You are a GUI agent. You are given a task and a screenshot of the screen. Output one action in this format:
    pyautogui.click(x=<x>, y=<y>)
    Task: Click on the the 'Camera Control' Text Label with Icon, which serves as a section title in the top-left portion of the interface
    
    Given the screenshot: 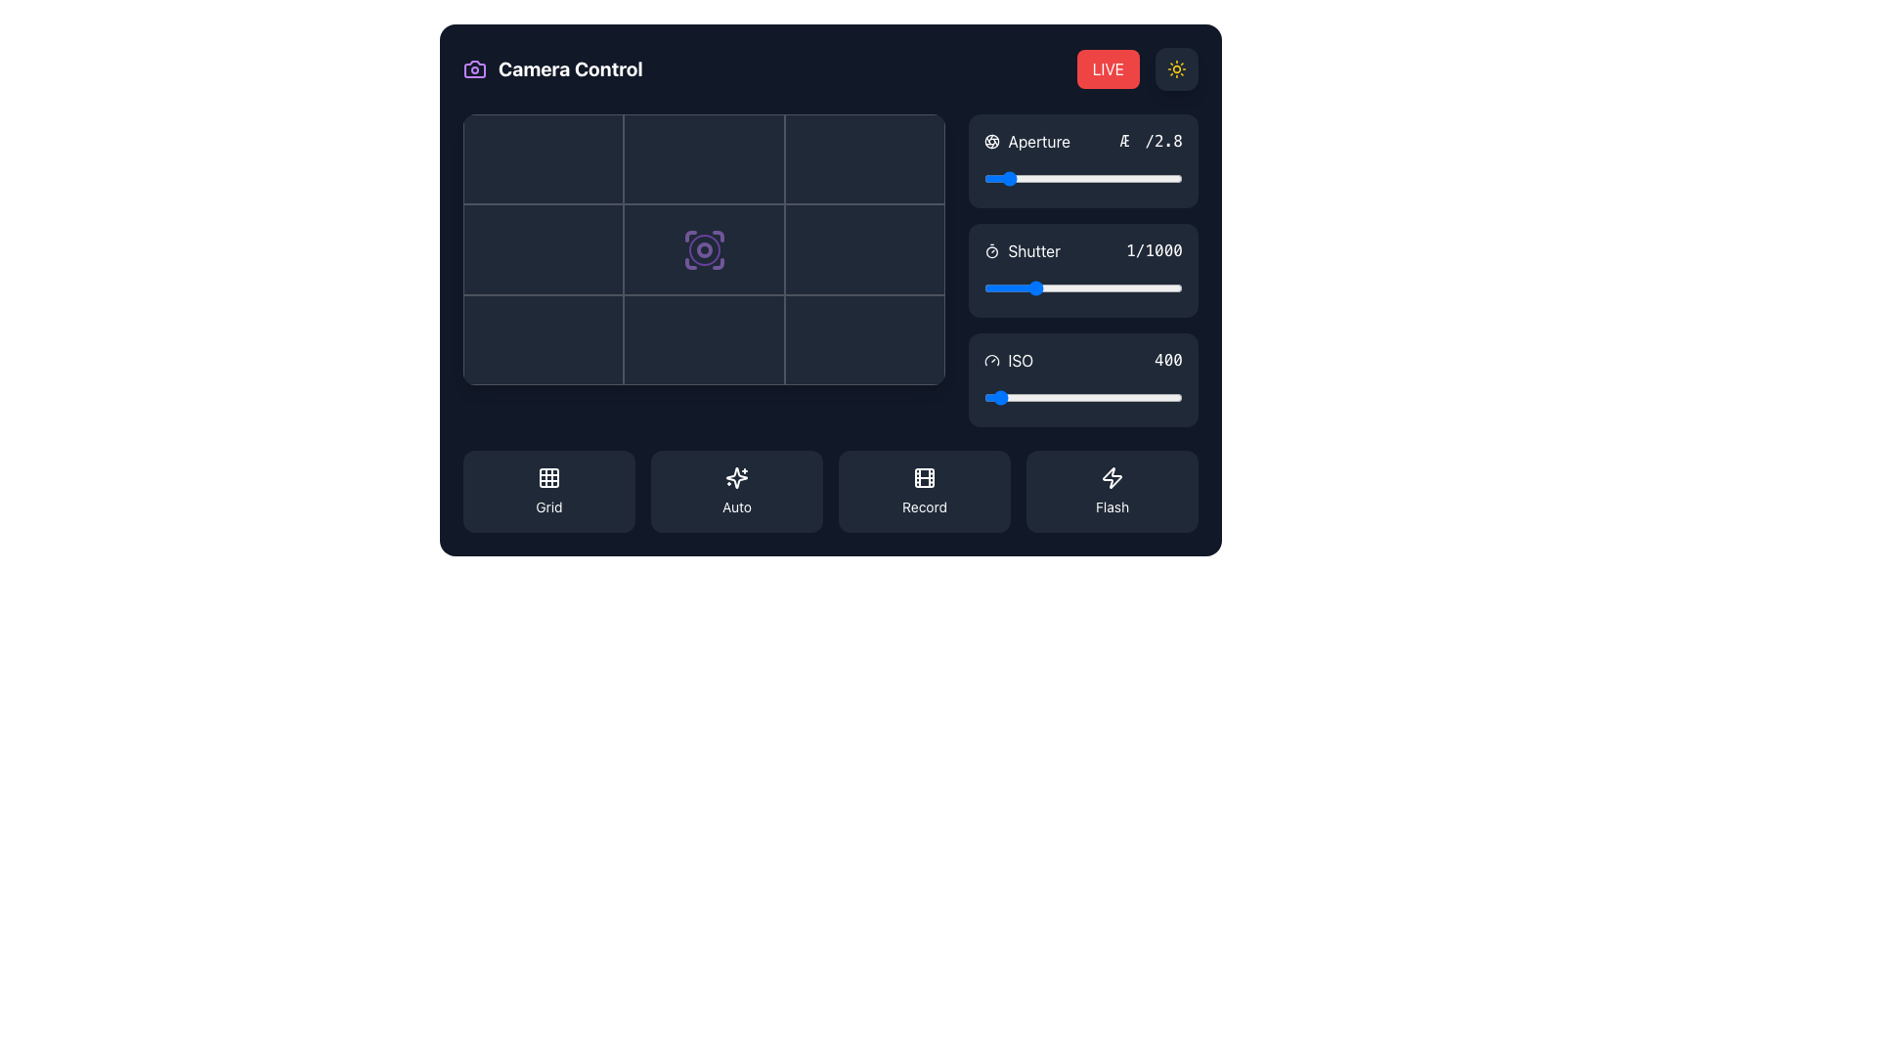 What is the action you would take?
    pyautogui.click(x=551, y=67)
    